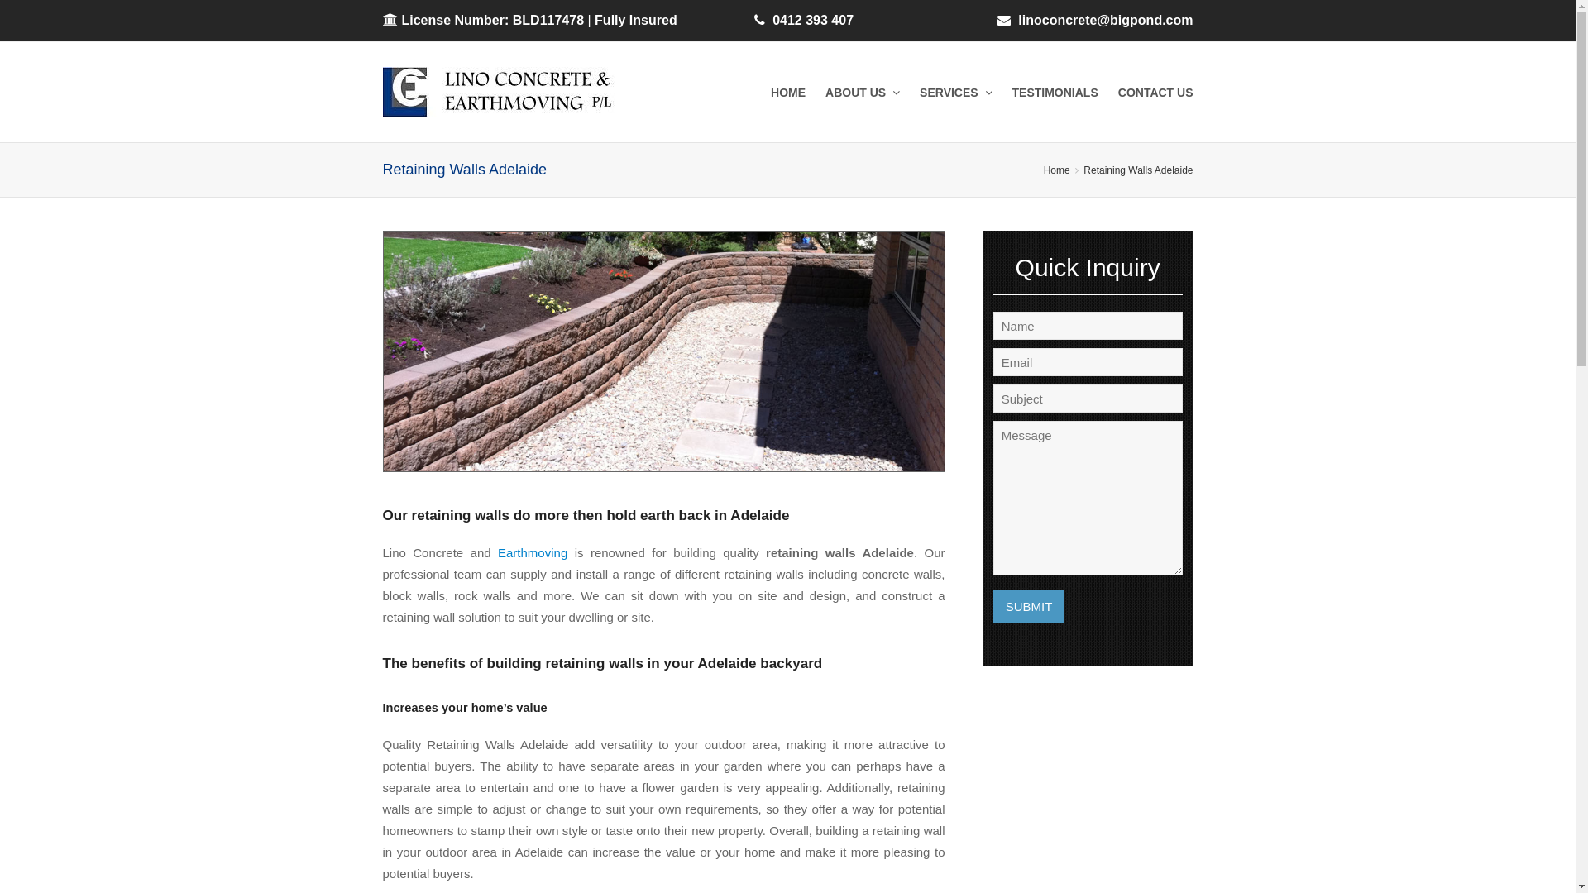 Image resolution: width=1588 pixels, height=893 pixels. What do you see at coordinates (532, 552) in the screenshot?
I see `'Earthmoving'` at bounding box center [532, 552].